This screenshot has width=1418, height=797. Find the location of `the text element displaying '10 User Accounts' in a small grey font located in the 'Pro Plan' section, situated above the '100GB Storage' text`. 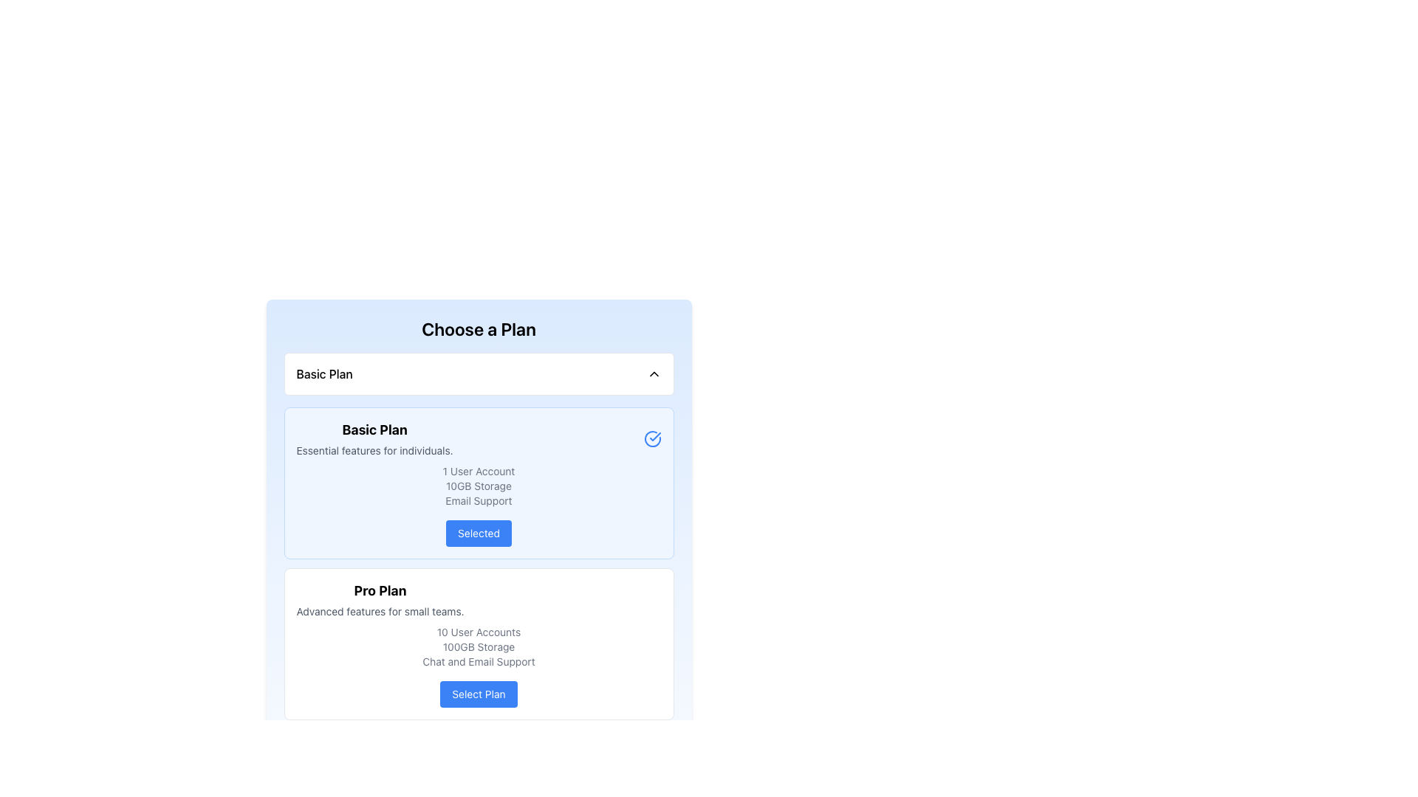

the text element displaying '10 User Accounts' in a small grey font located in the 'Pro Plan' section, situated above the '100GB Storage' text is located at coordinates (479, 631).